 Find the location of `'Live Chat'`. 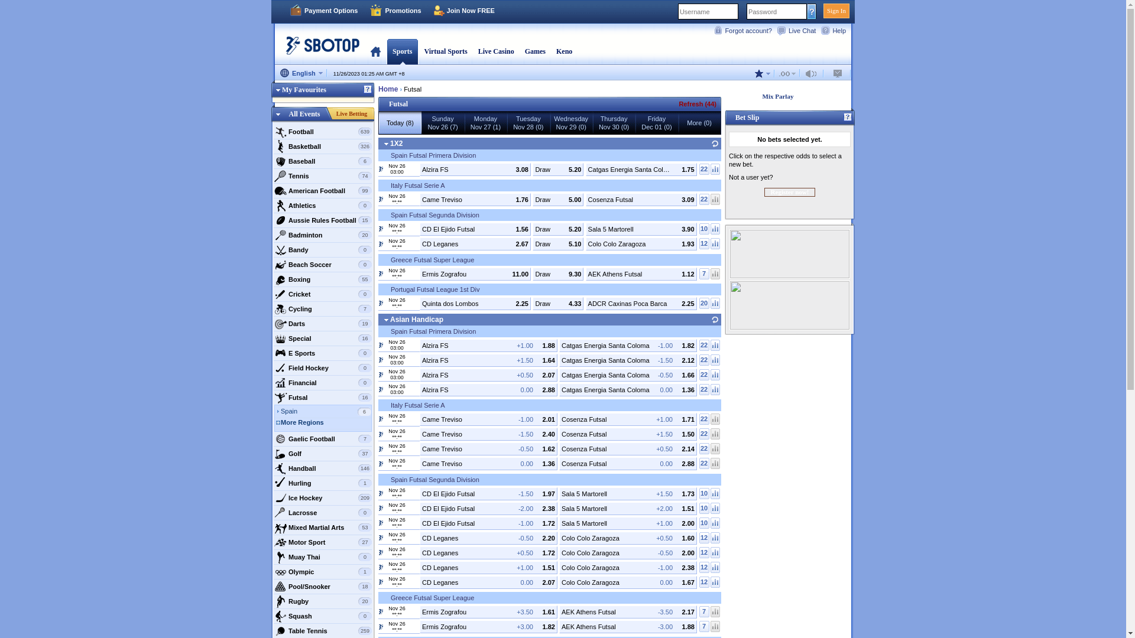

'Live Chat' is located at coordinates (798, 30).